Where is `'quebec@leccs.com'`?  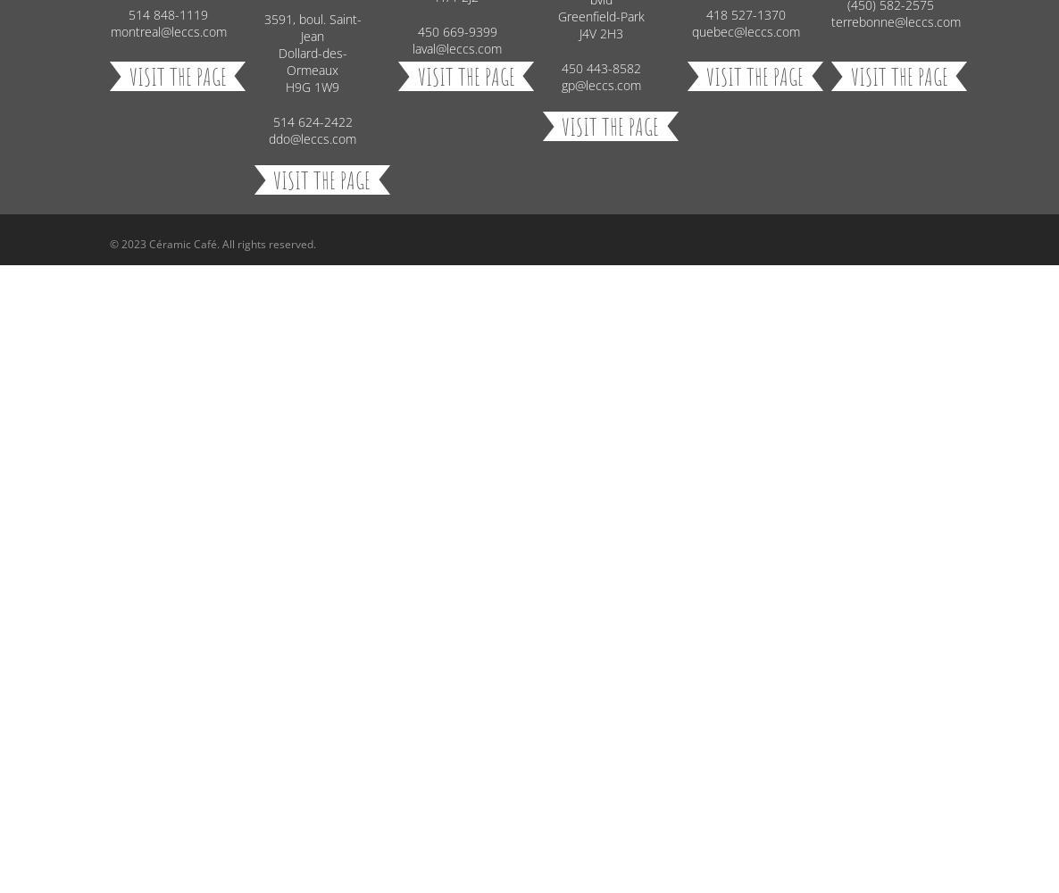 'quebec@leccs.com' is located at coordinates (744, 31).